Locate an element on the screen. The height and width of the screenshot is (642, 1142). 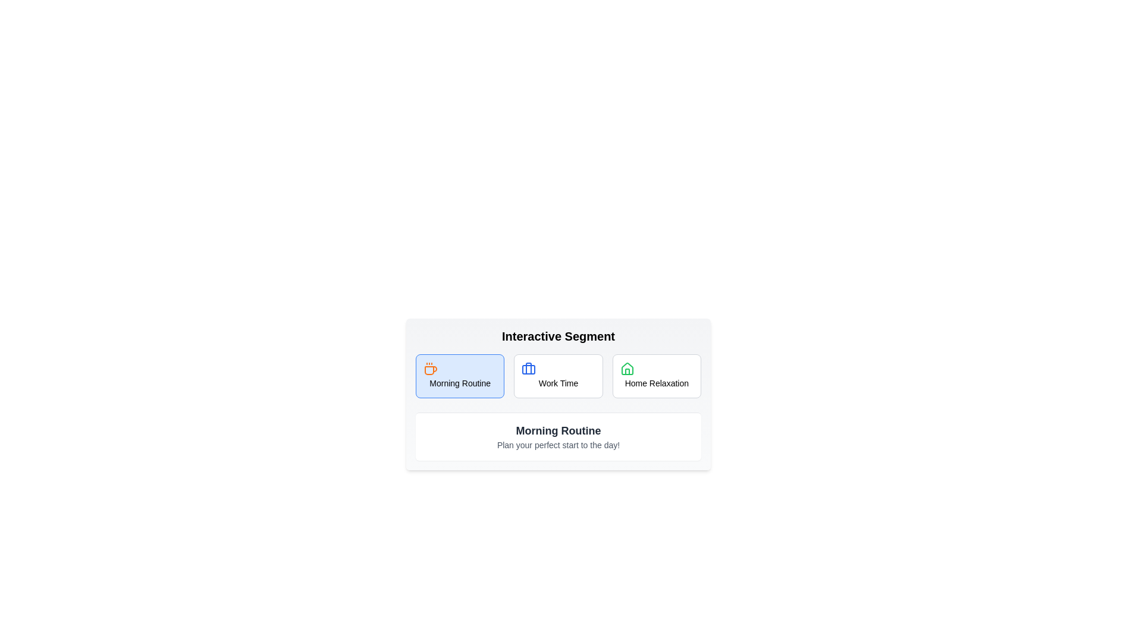
text label displaying 'Morning Routine' which is in bold and slightly larger font, located at the top of a card with a white background is located at coordinates (558, 431).